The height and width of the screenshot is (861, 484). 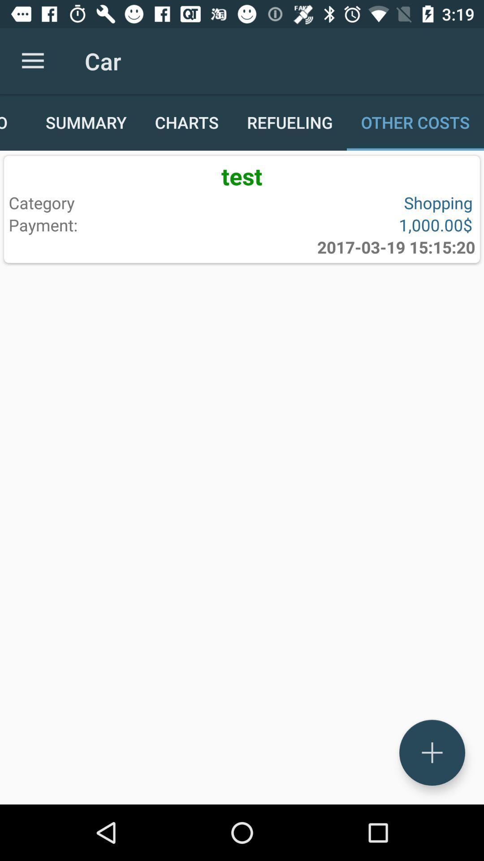 I want to click on app to the left of car icon, so click(x=32, y=61).